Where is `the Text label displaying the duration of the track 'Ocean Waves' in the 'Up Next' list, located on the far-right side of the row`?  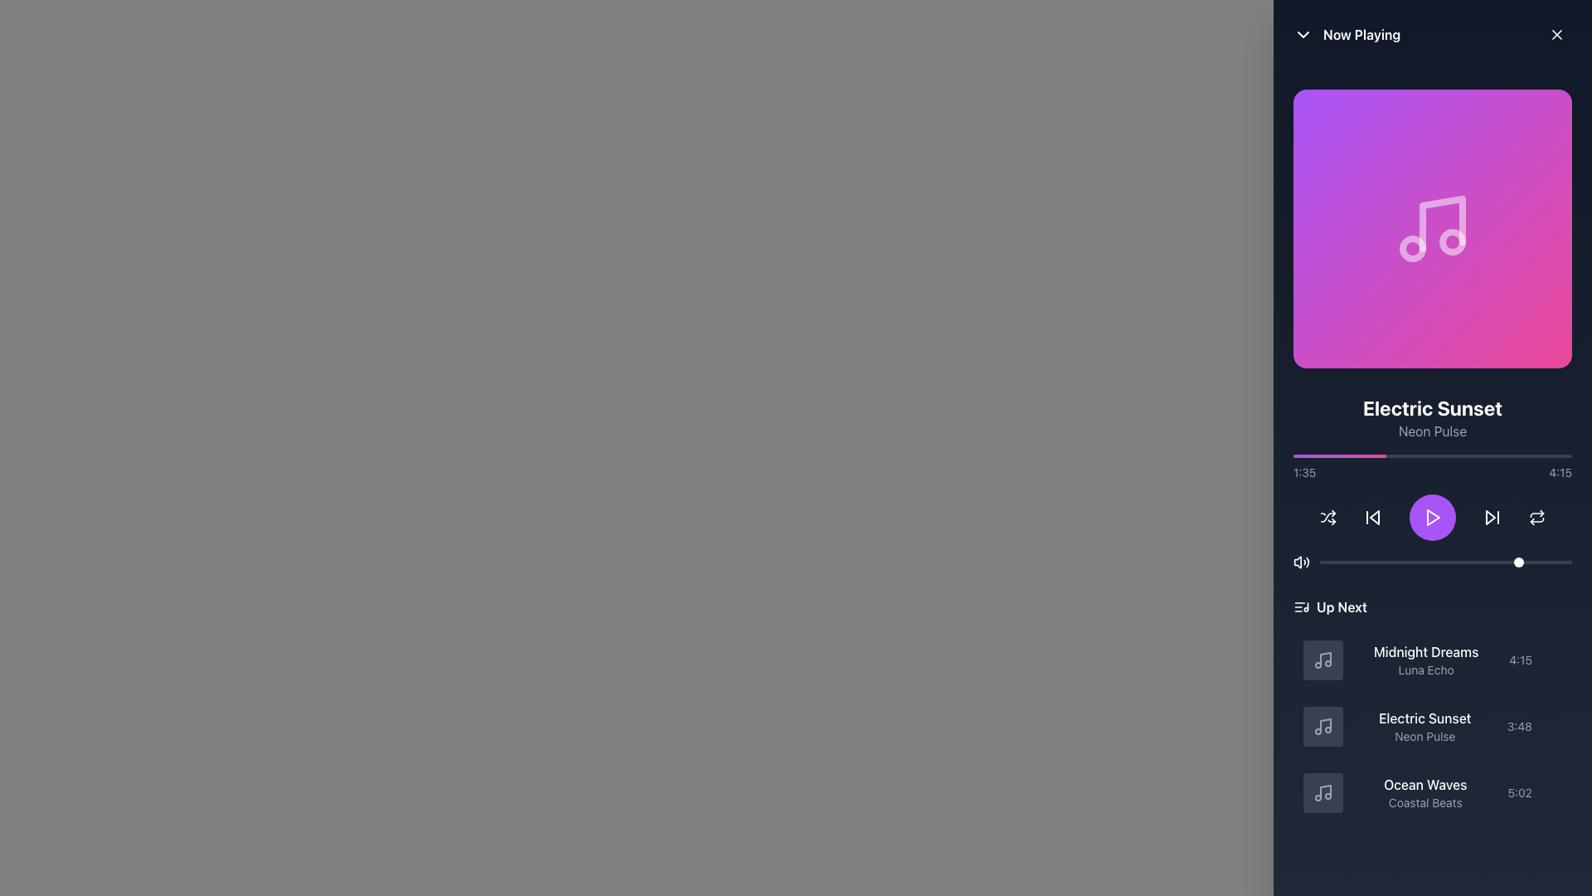 the Text label displaying the duration of the track 'Ocean Waves' in the 'Up Next' list, located on the far-right side of the row is located at coordinates (1520, 792).